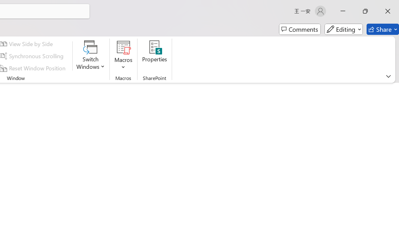  What do you see at coordinates (123, 56) in the screenshot?
I see `'Macros'` at bounding box center [123, 56].